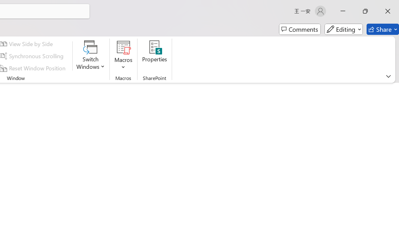  What do you see at coordinates (123, 56) in the screenshot?
I see `'Macros'` at bounding box center [123, 56].